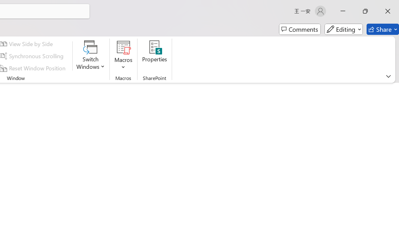  What do you see at coordinates (123, 56) in the screenshot?
I see `'Macros'` at bounding box center [123, 56].